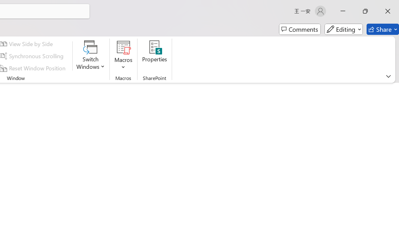  What do you see at coordinates (123, 56) in the screenshot?
I see `'Macros'` at bounding box center [123, 56].